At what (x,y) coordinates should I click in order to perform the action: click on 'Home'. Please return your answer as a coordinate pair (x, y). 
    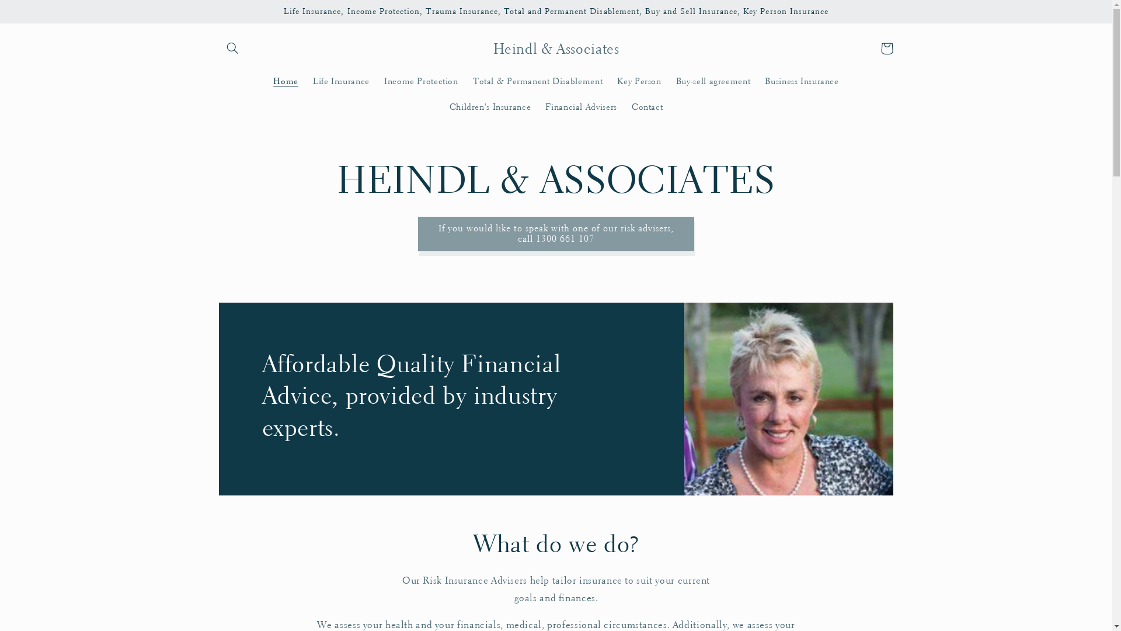
    Looking at the image, I should click on (286, 80).